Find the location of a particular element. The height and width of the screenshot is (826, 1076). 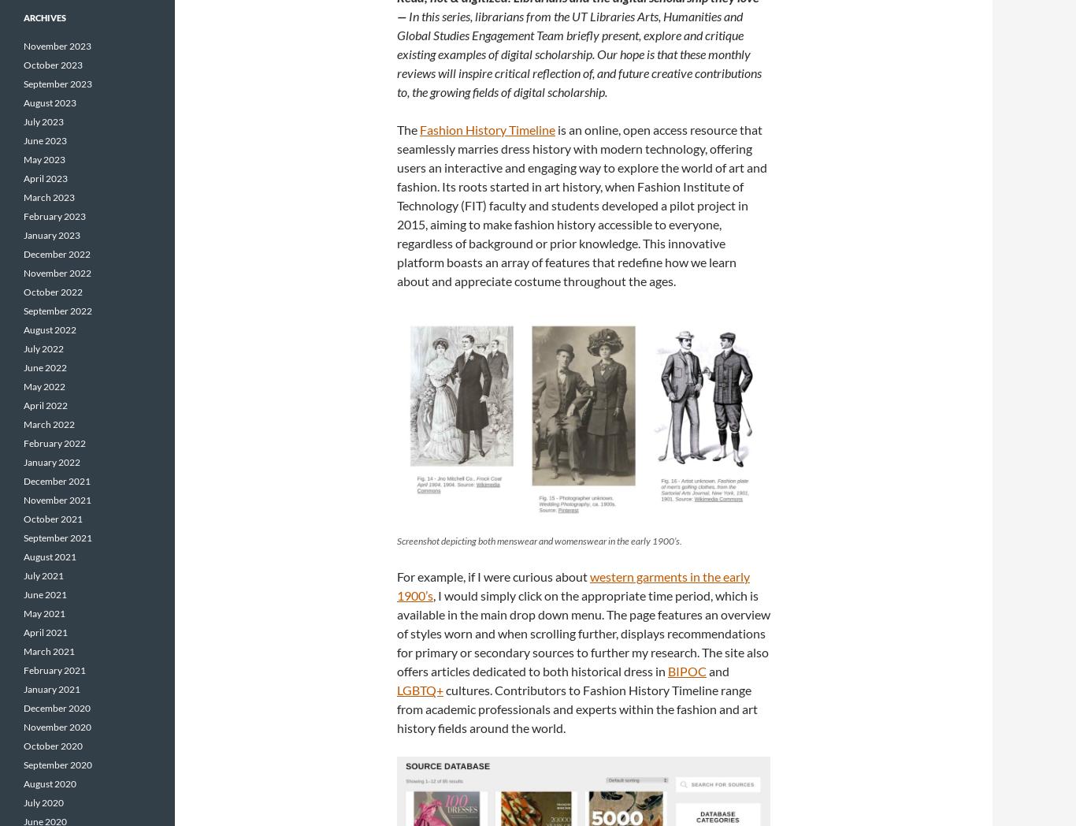

'and' is located at coordinates (706, 671).